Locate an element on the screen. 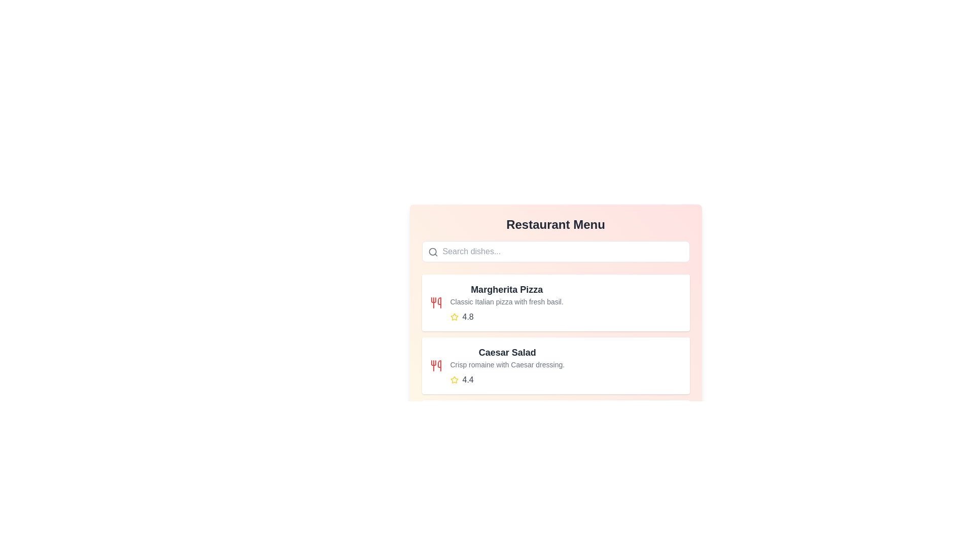 This screenshot has height=548, width=974. bold, large, dark-gray text labeled 'Margherita Pizza' at the top of the menu item card, which is positioned in the center column of the menu interface is located at coordinates (507, 289).